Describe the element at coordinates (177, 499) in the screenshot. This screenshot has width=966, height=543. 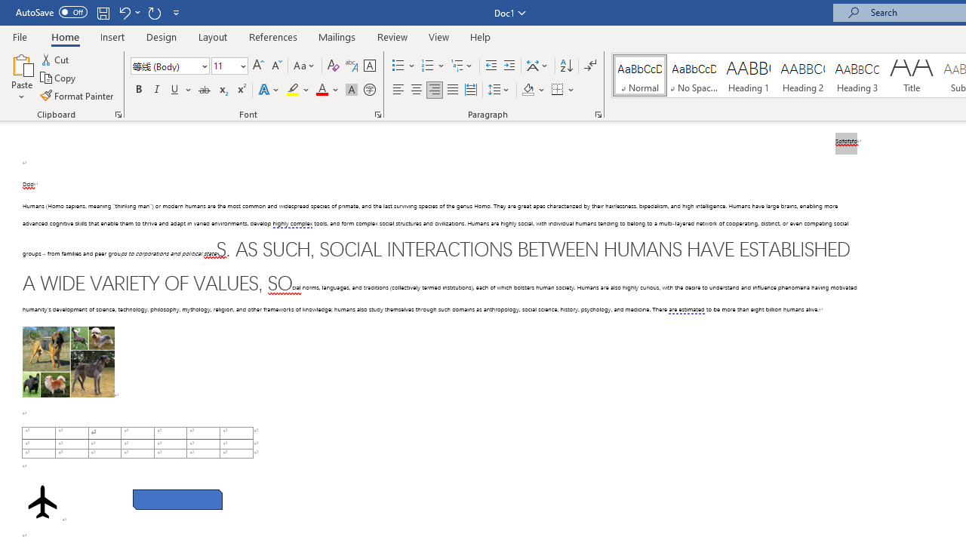
I see `'Rectangle: Diagonal Corners Snipped 2'` at that location.